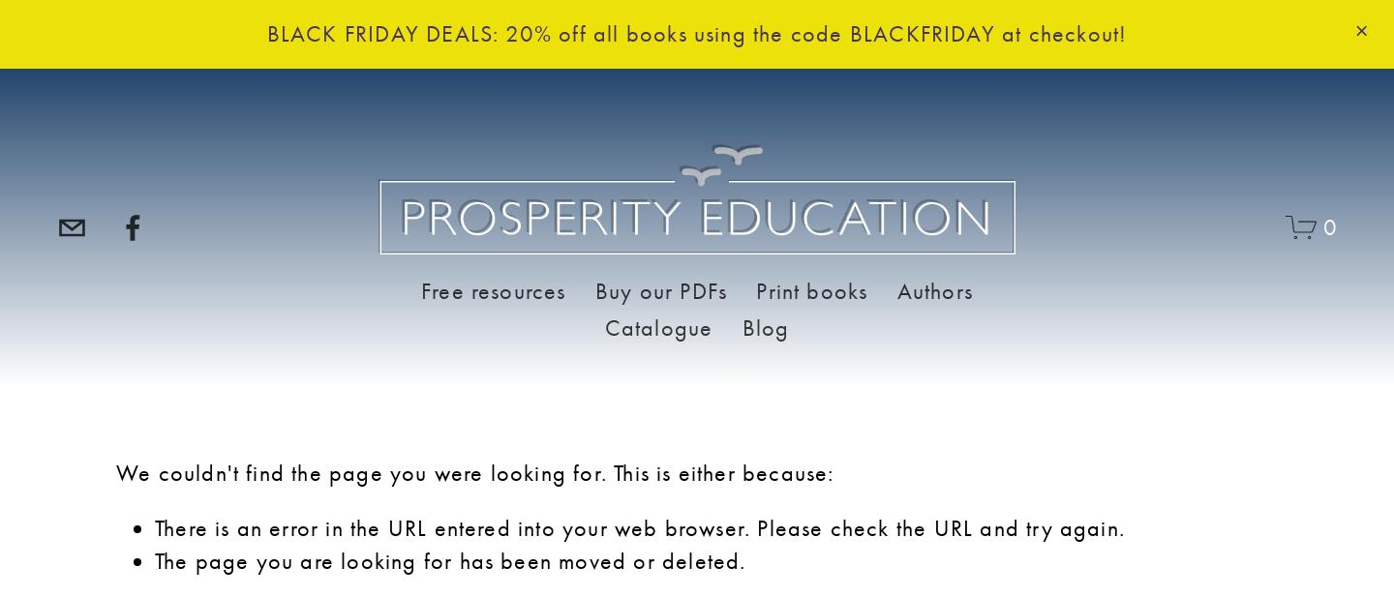 This screenshot has width=1394, height=597. What do you see at coordinates (933, 288) in the screenshot?
I see `'Authors'` at bounding box center [933, 288].